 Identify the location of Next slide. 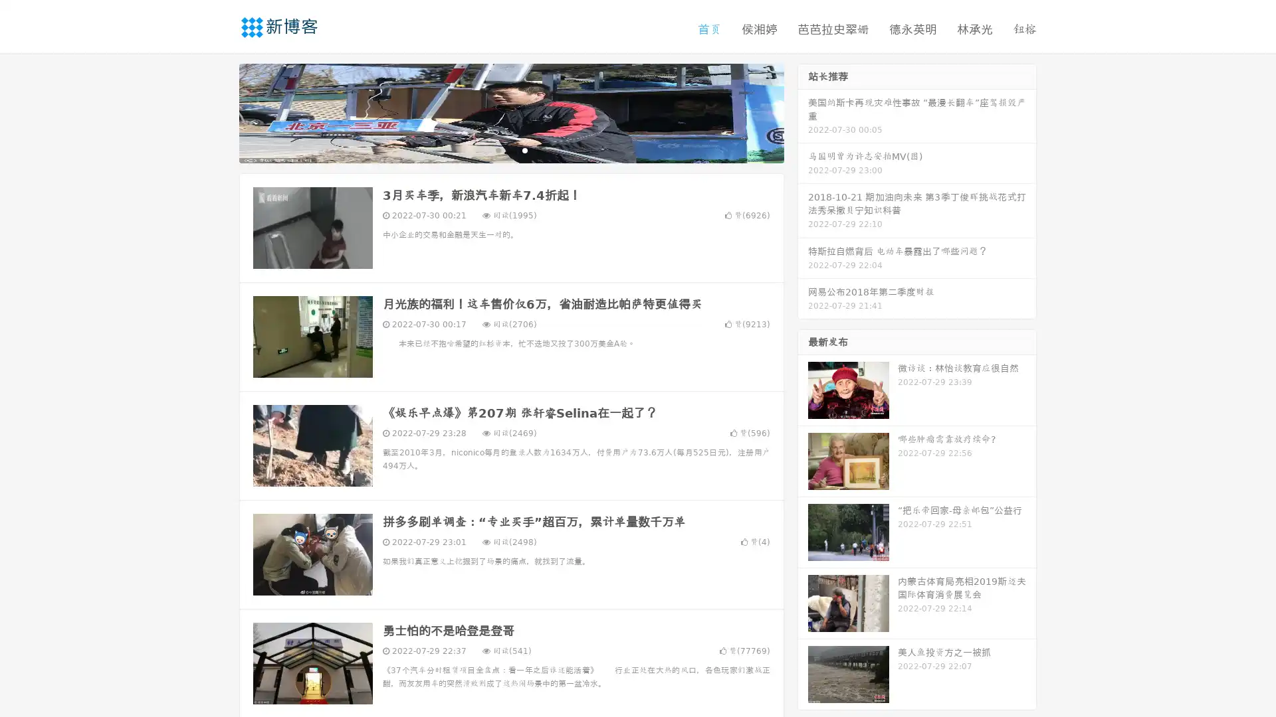
(803, 112).